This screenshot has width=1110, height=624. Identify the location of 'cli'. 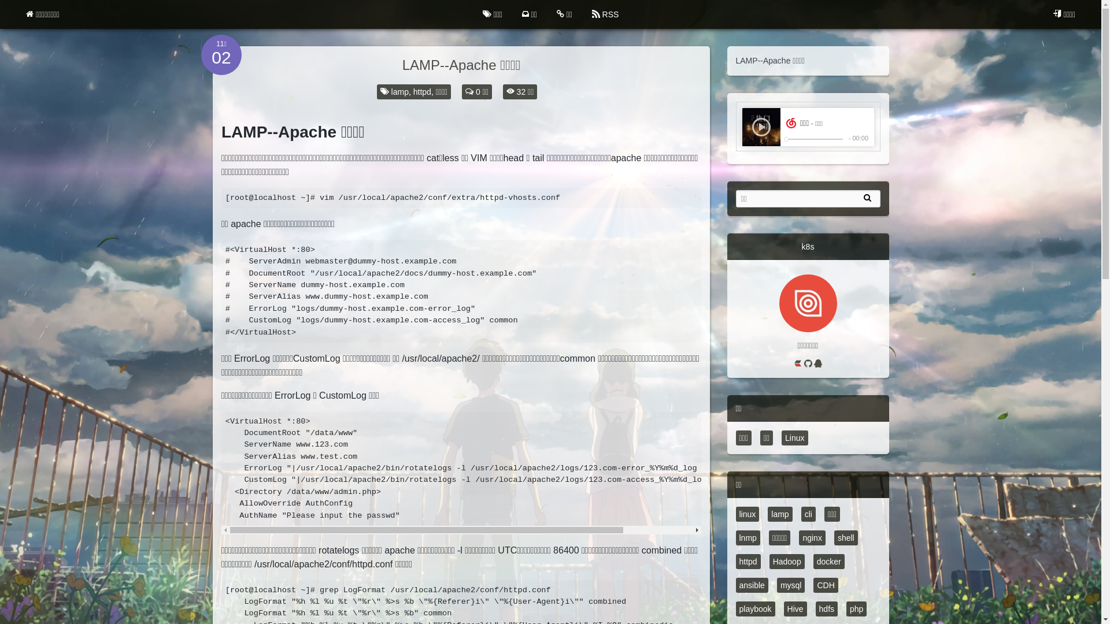
(808, 514).